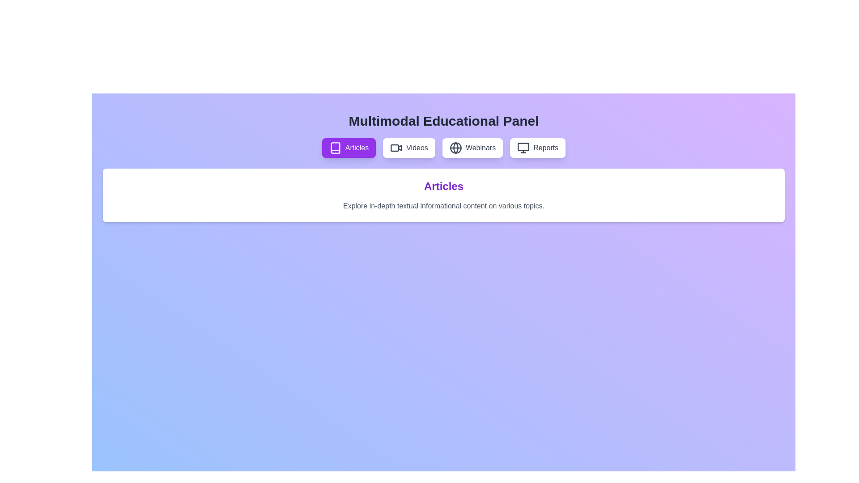  Describe the element at coordinates (455, 148) in the screenshot. I see `the decorative SVG circle element at the center of the globe icon in the 'Webinars' section for further action if associated` at that location.